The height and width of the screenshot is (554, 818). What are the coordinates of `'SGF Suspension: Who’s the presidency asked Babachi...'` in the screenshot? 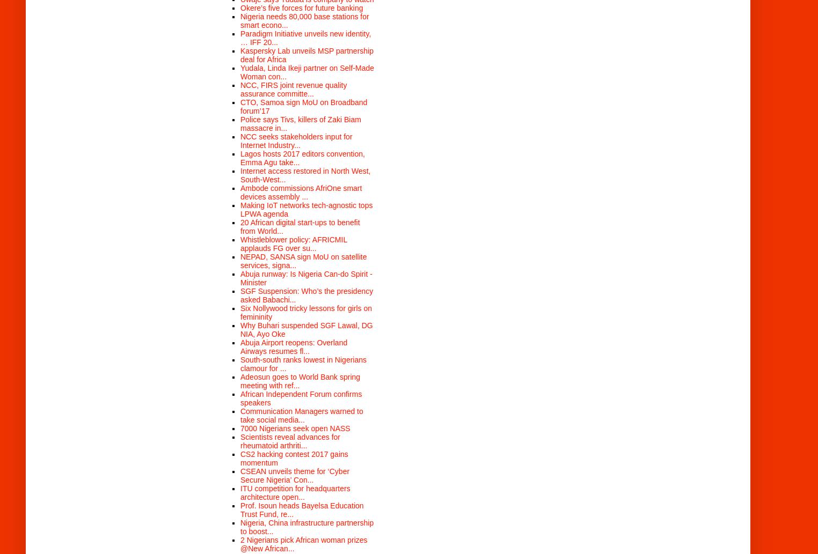 It's located at (306, 294).